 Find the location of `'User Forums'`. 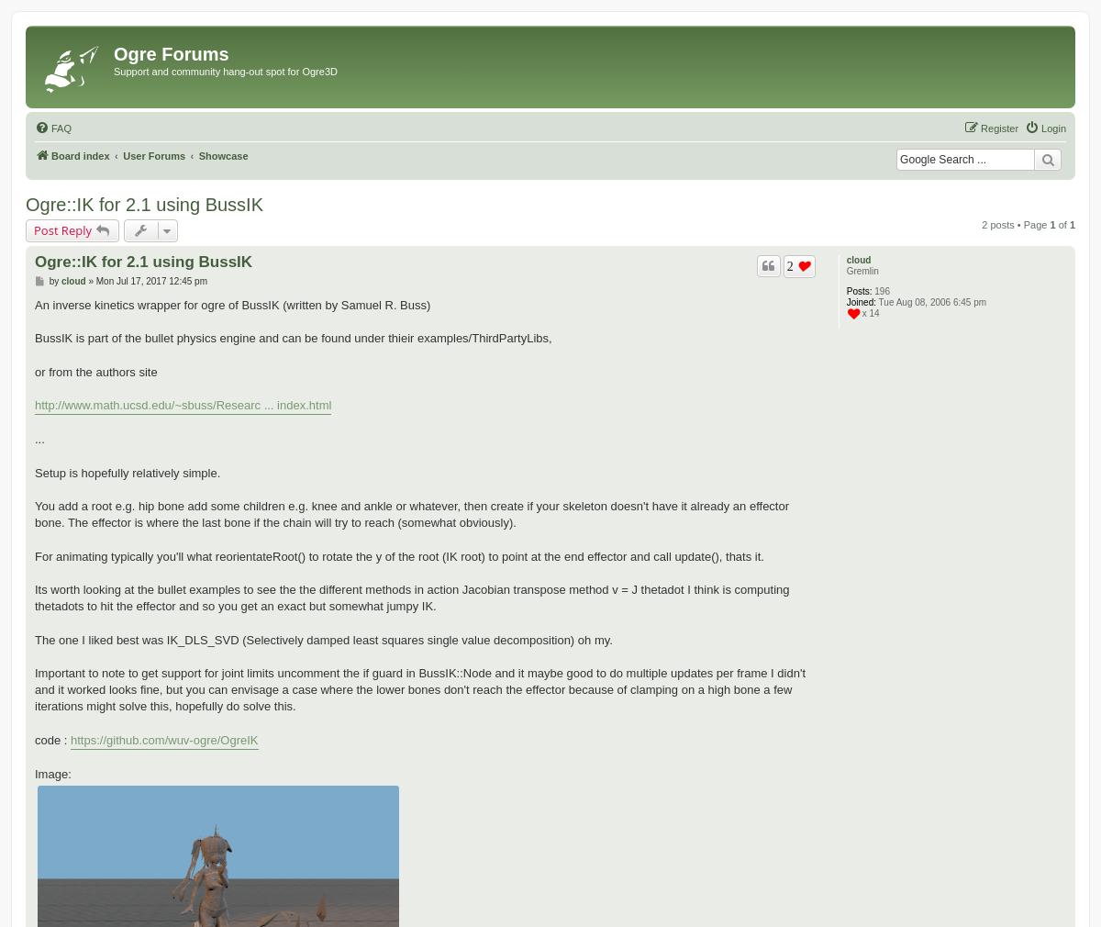

'User Forums' is located at coordinates (153, 154).